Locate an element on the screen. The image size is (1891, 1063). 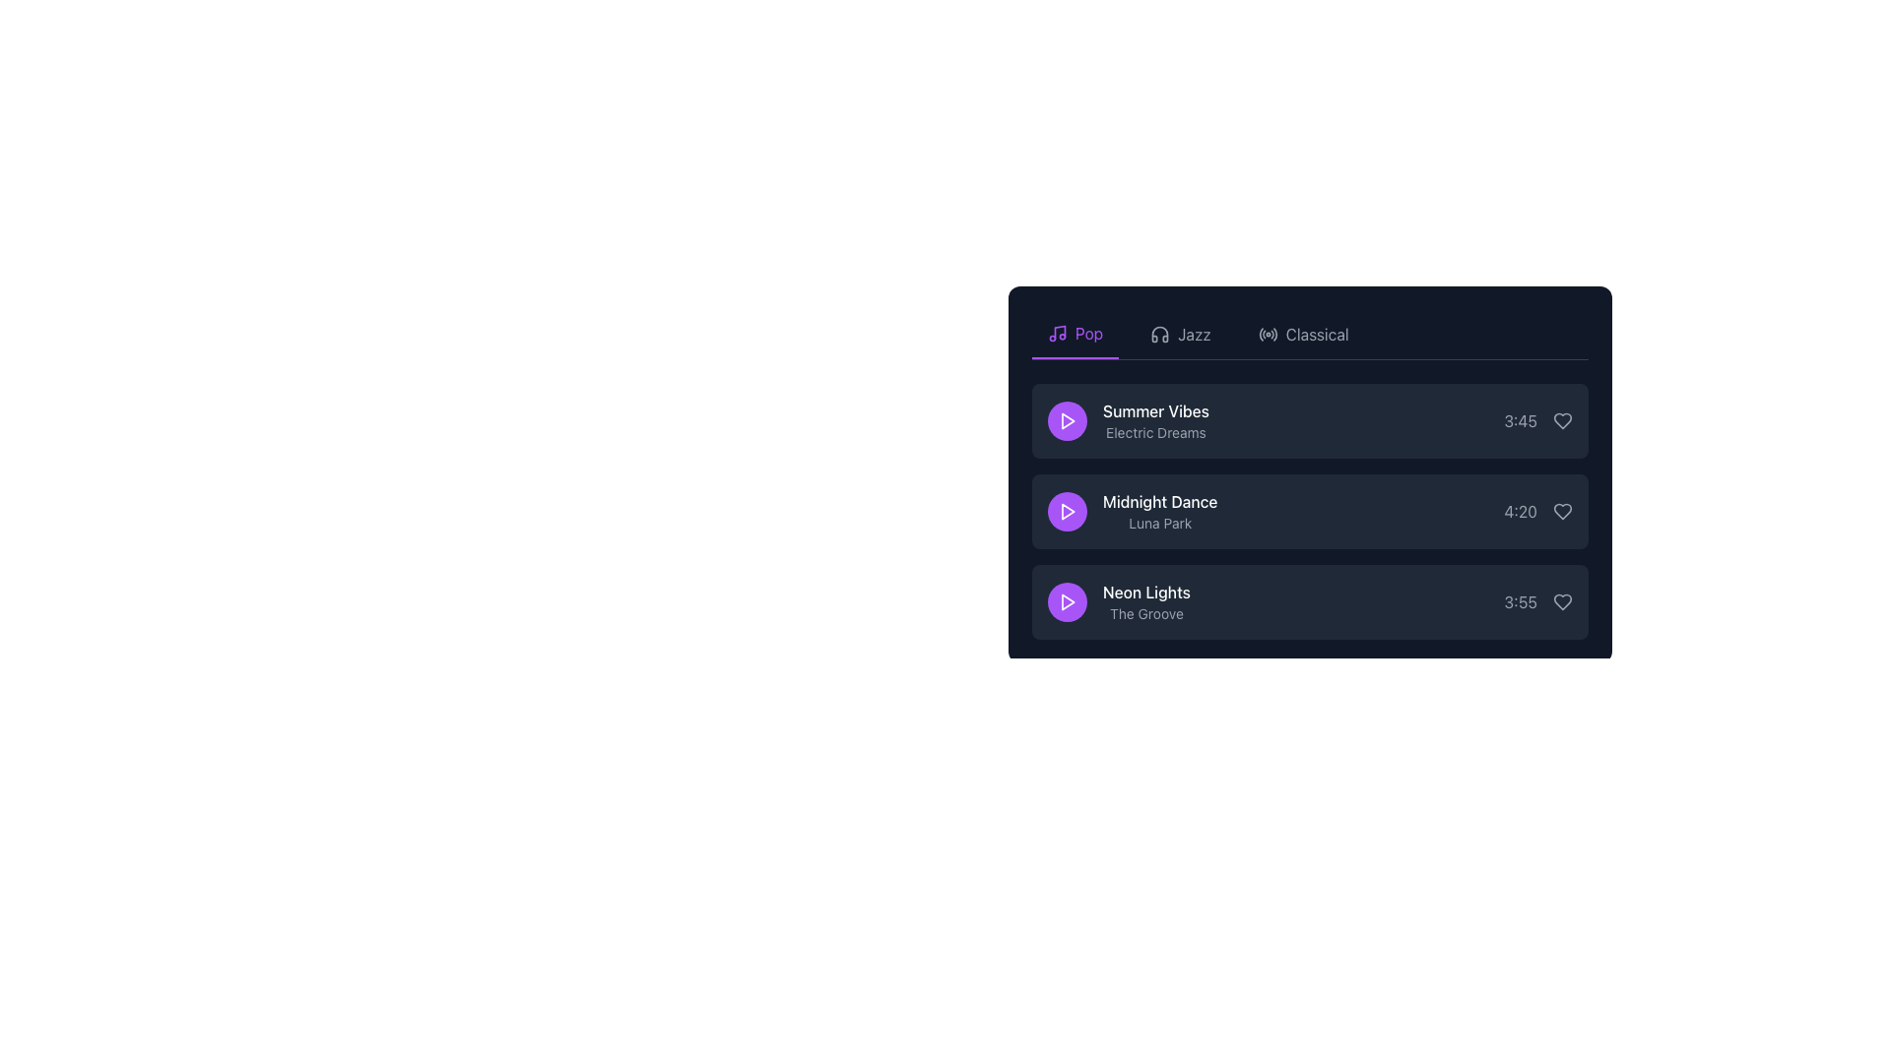
the text label 'Jazz' is located at coordinates (1193, 333).